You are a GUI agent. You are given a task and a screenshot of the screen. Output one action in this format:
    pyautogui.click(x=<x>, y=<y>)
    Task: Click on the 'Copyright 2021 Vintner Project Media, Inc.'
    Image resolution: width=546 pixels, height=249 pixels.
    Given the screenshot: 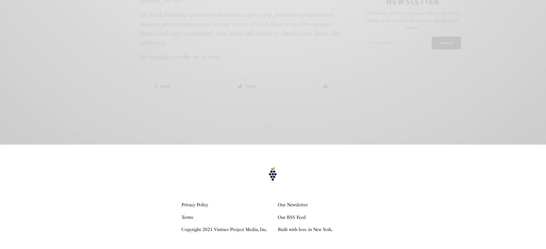 What is the action you would take?
    pyautogui.click(x=225, y=229)
    